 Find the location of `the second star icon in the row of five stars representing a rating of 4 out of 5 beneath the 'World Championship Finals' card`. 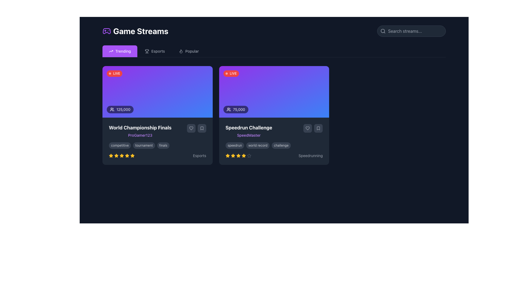

the second star icon in the row of five stars representing a rating of 4 out of 5 beneath the 'World Championship Finals' card is located at coordinates (127, 155).